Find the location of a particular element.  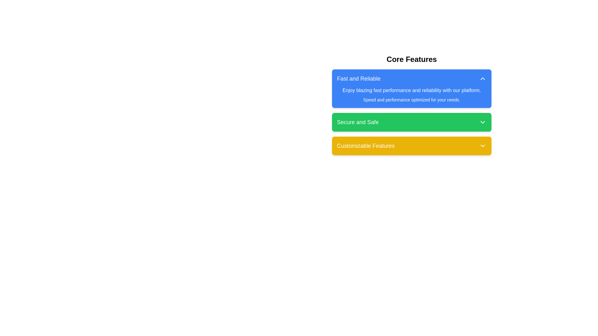

the downward-facing chevron icon button located on the far-right edge of the 'Customizable Features' section is located at coordinates (482, 146).